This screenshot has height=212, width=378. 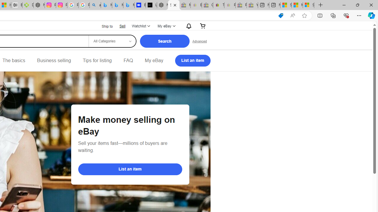 I want to click on 'This site has coupons! Shopping in Microsoft Edge', so click(x=281, y=15).